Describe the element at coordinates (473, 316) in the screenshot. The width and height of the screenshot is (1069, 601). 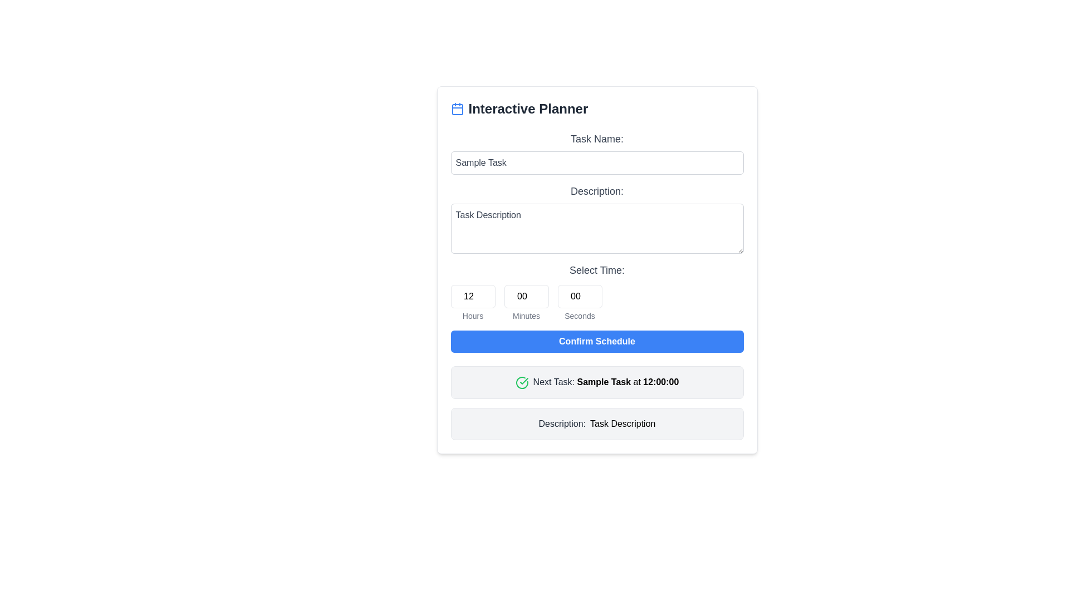
I see `the text label displaying 'Hours' in a small, gray font, which is located below the input field labeled '12' in the time selection section` at that location.